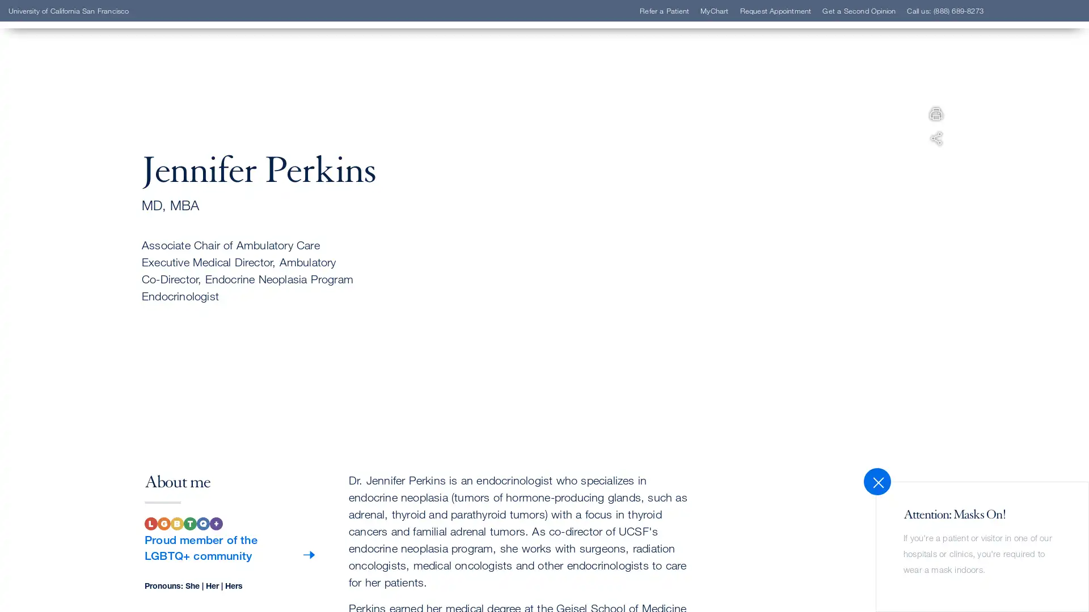  I want to click on Refer a Patient, so click(81, 183).